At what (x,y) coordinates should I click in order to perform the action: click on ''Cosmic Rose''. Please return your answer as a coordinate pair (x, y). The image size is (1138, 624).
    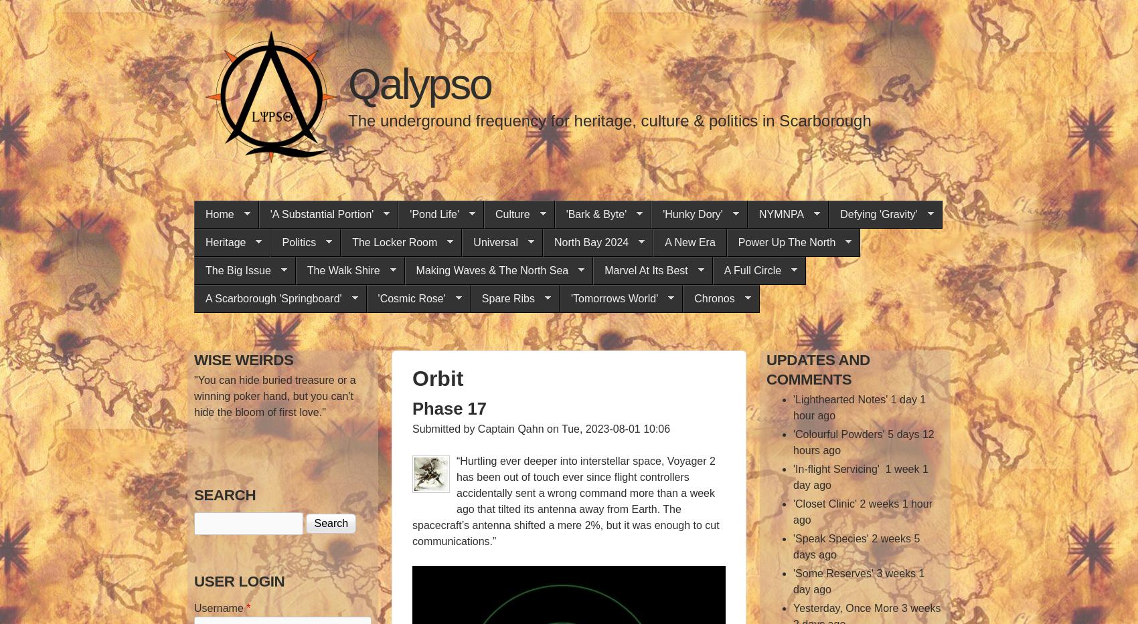
    Looking at the image, I should click on (410, 298).